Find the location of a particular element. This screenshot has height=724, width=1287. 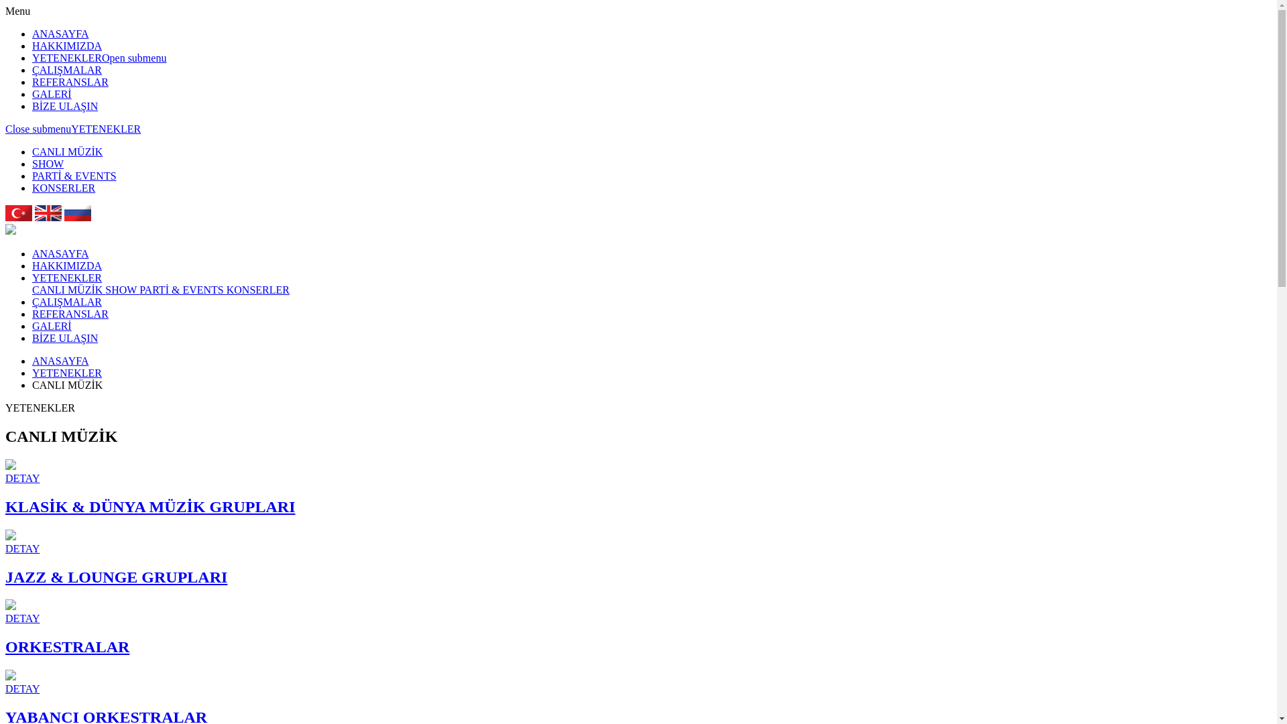

'YETENEKLER' is located at coordinates (66, 277).